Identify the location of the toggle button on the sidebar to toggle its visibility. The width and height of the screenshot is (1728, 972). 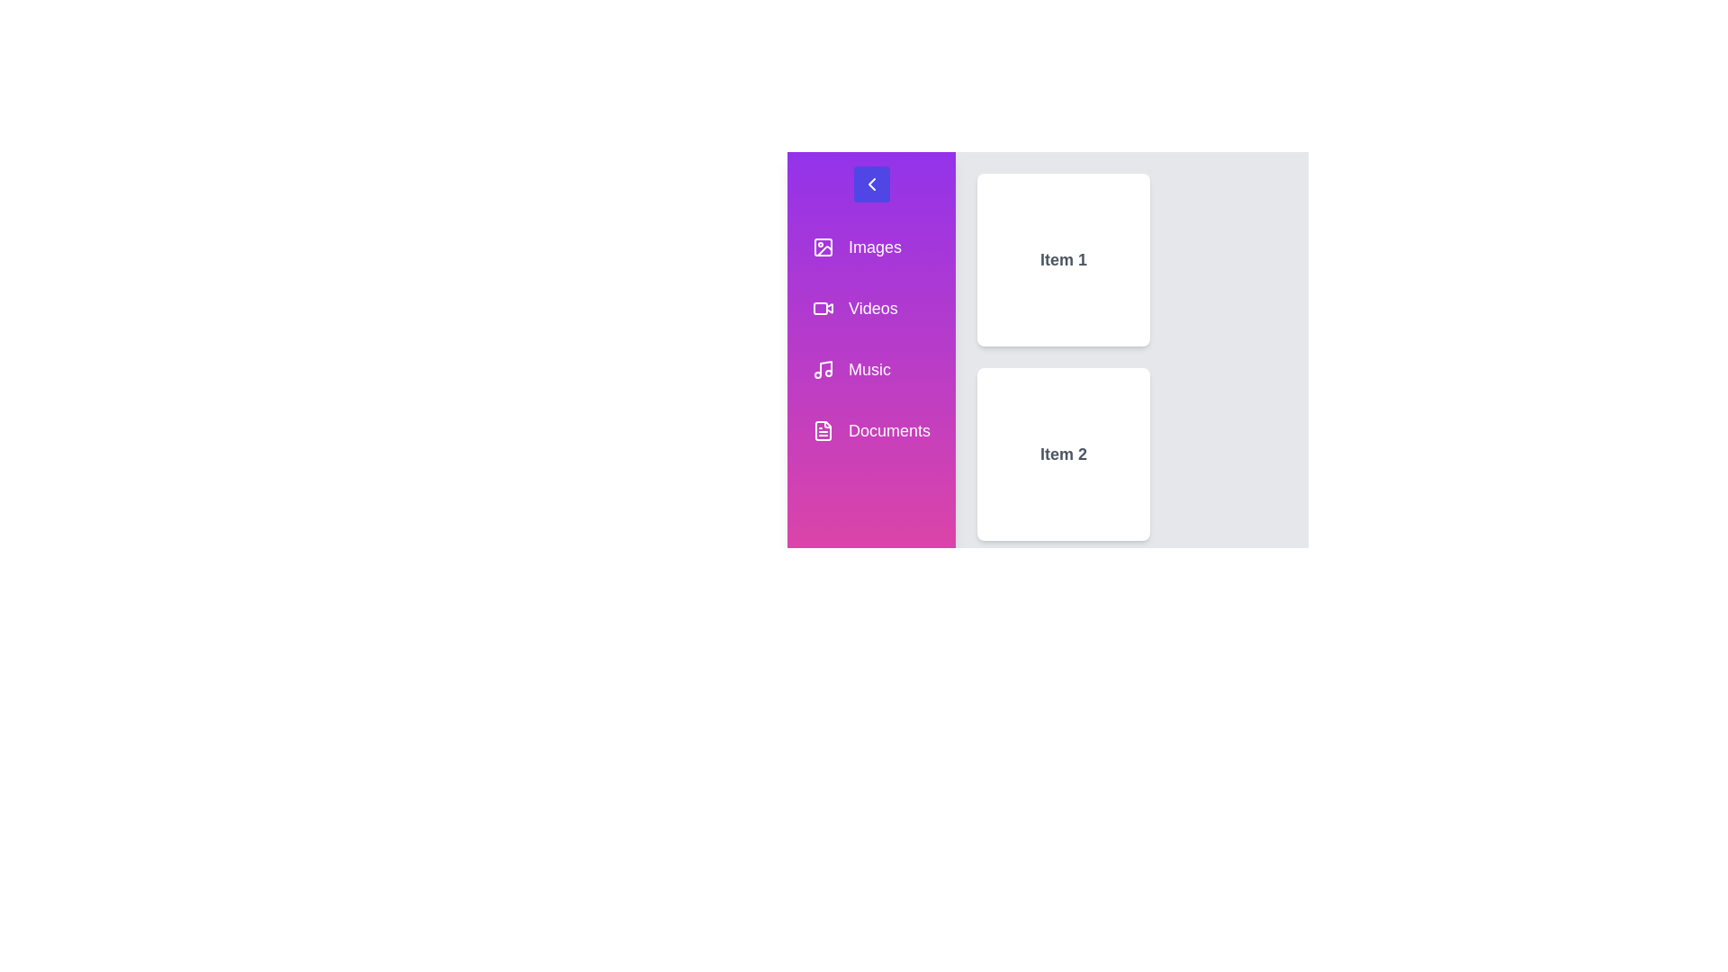
(871, 184).